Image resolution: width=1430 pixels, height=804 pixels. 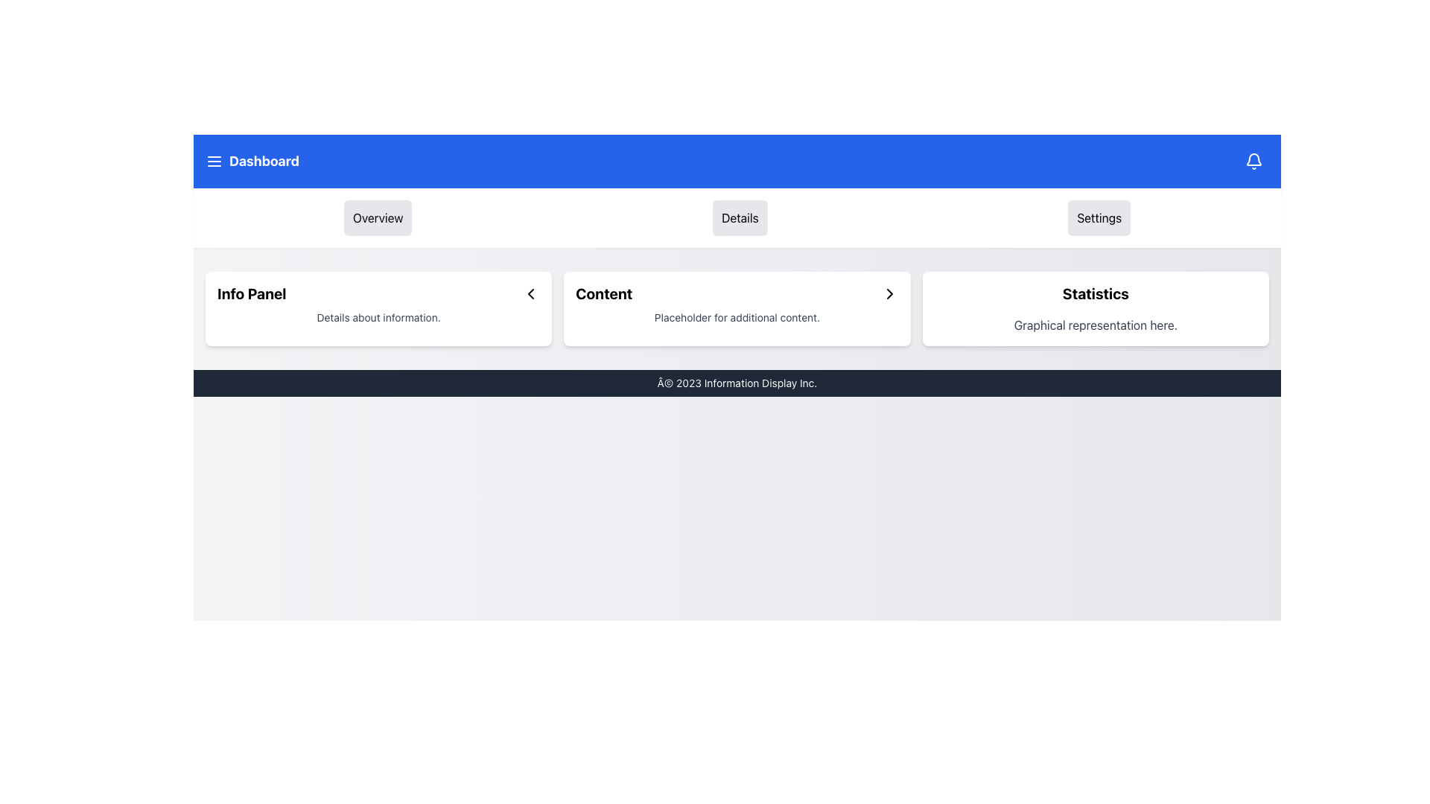 I want to click on the 'Details' button, which is the second button in a set of three buttons, to change its background color, so click(x=740, y=218).